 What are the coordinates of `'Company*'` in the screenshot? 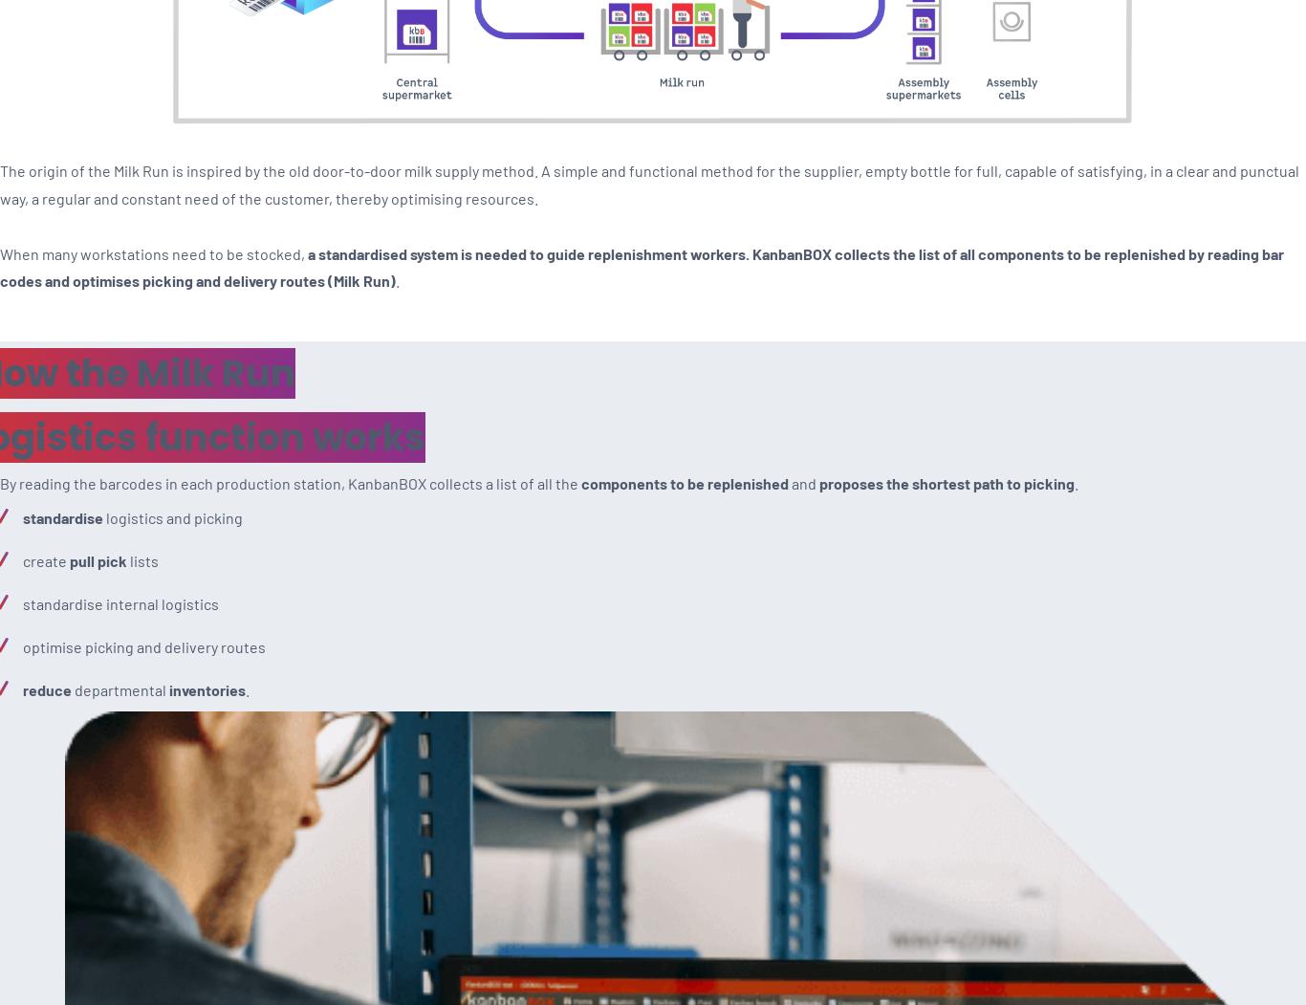 It's located at (41, 419).